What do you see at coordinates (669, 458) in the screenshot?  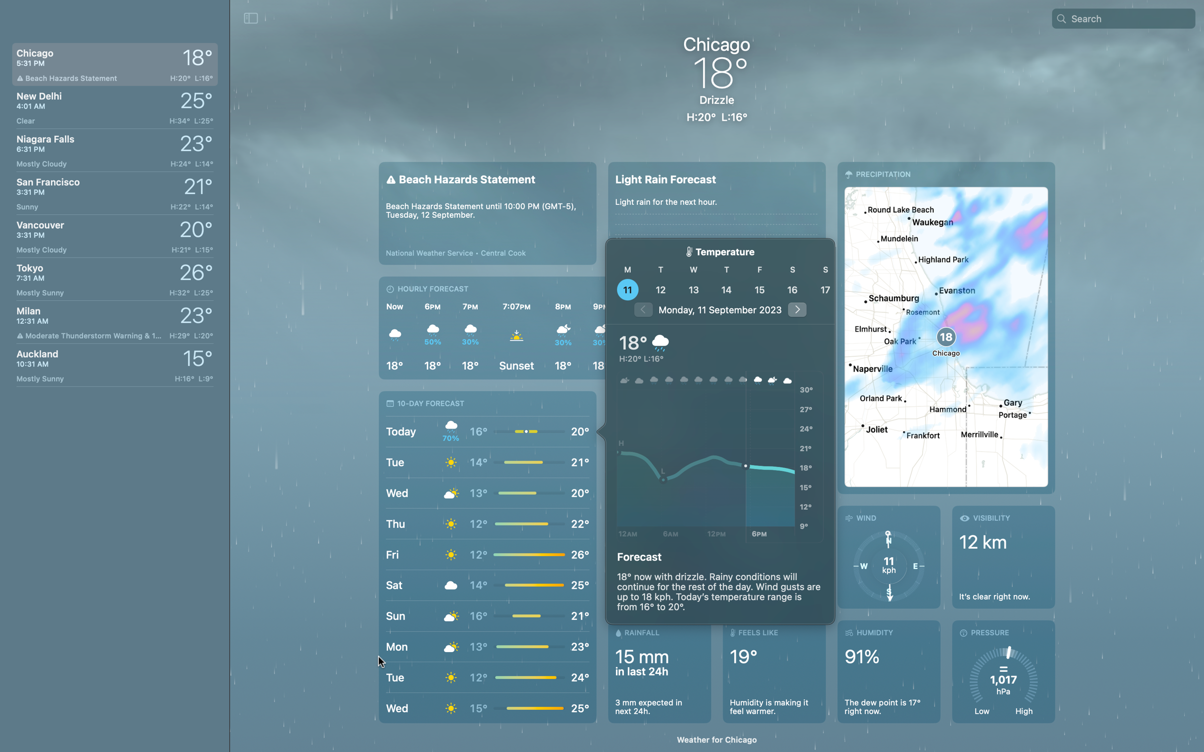 I see `Identify the climate at 6 in the morning` at bounding box center [669, 458].